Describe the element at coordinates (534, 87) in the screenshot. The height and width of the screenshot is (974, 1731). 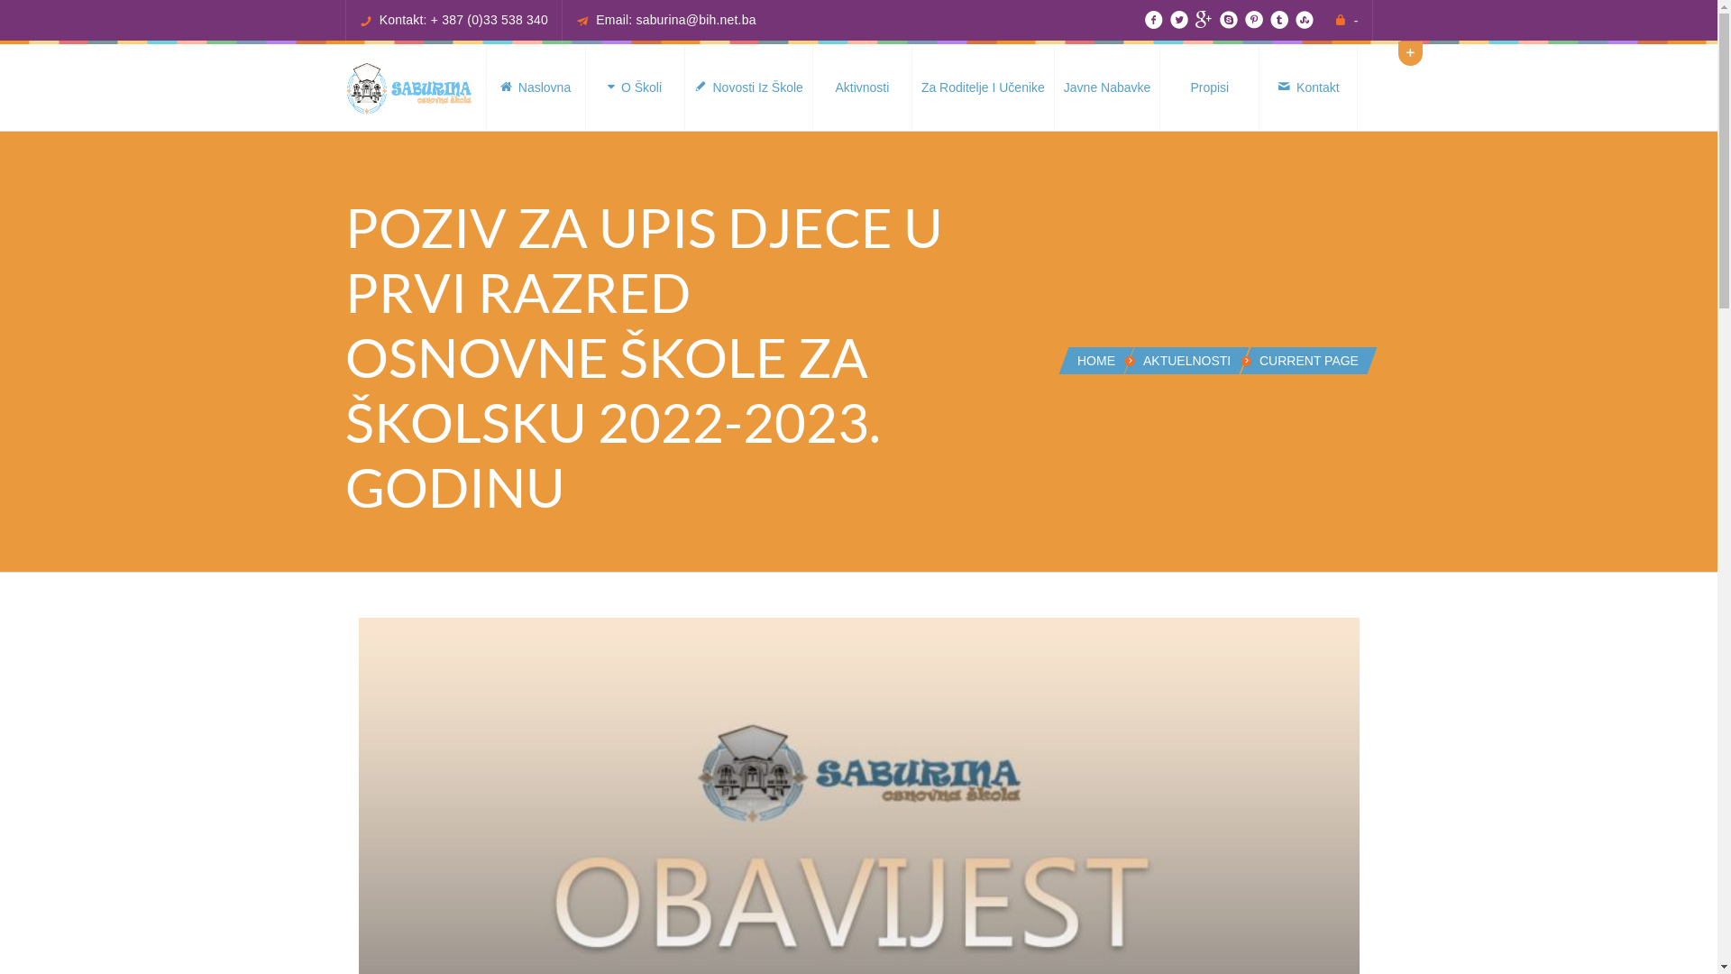
I see `'Naslovna'` at that location.